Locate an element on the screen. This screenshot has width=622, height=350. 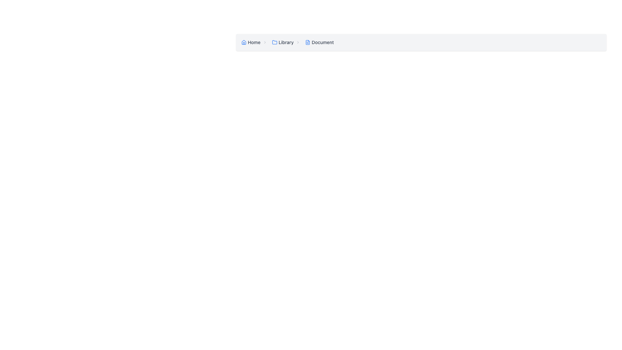
the Breadcrumb navigation item is located at coordinates (319, 42).